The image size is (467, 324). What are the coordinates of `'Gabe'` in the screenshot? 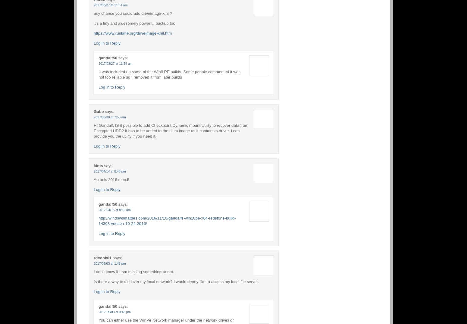 It's located at (98, 111).